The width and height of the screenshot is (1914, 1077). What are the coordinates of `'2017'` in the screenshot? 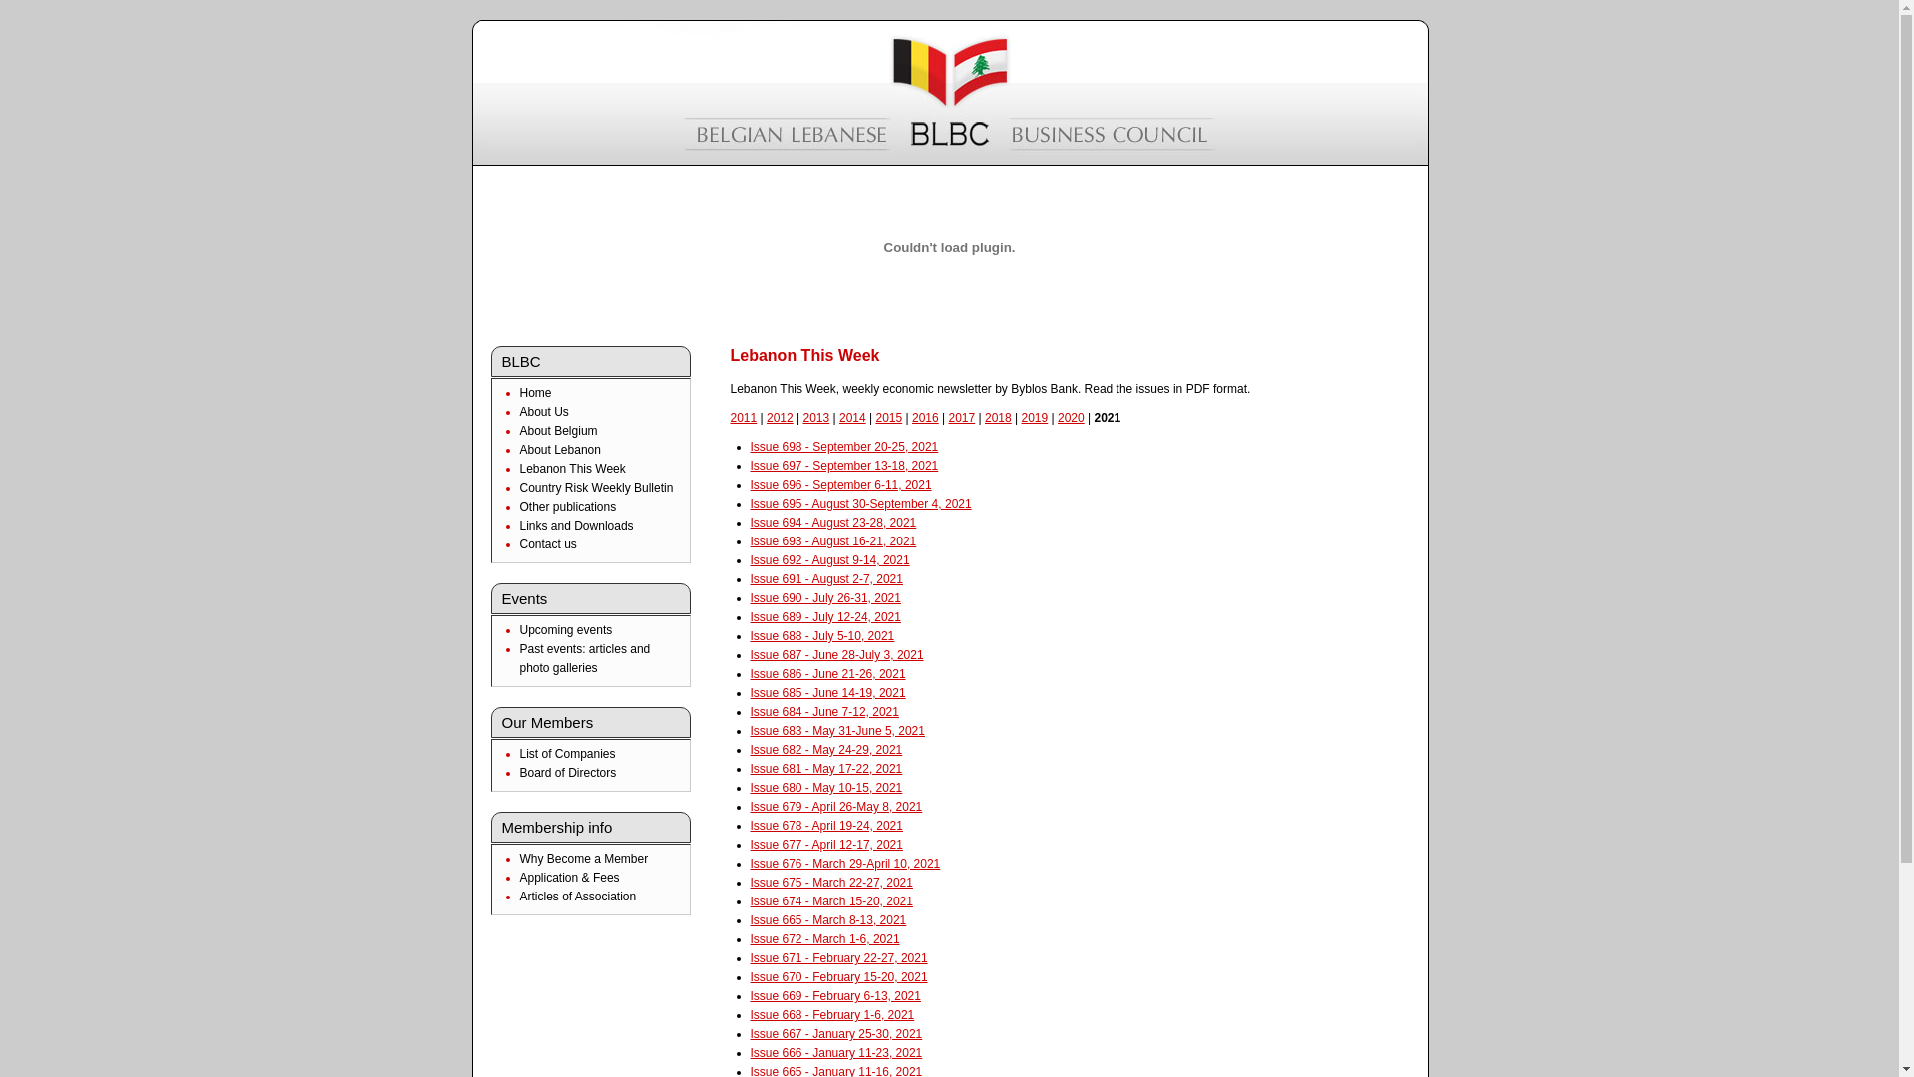 It's located at (962, 417).